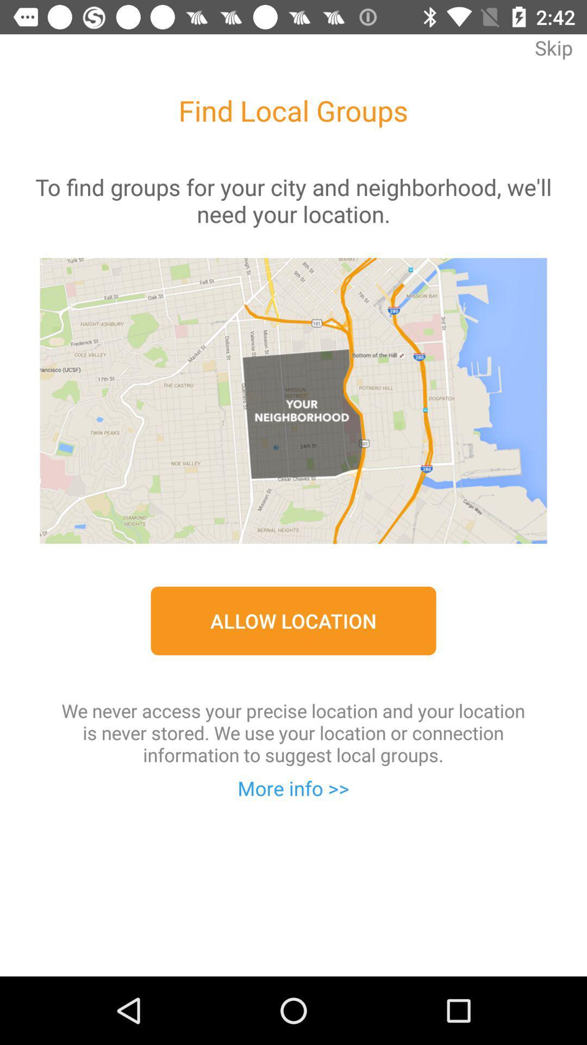 Image resolution: width=587 pixels, height=1045 pixels. Describe the element at coordinates (553, 55) in the screenshot. I see `skip item` at that location.